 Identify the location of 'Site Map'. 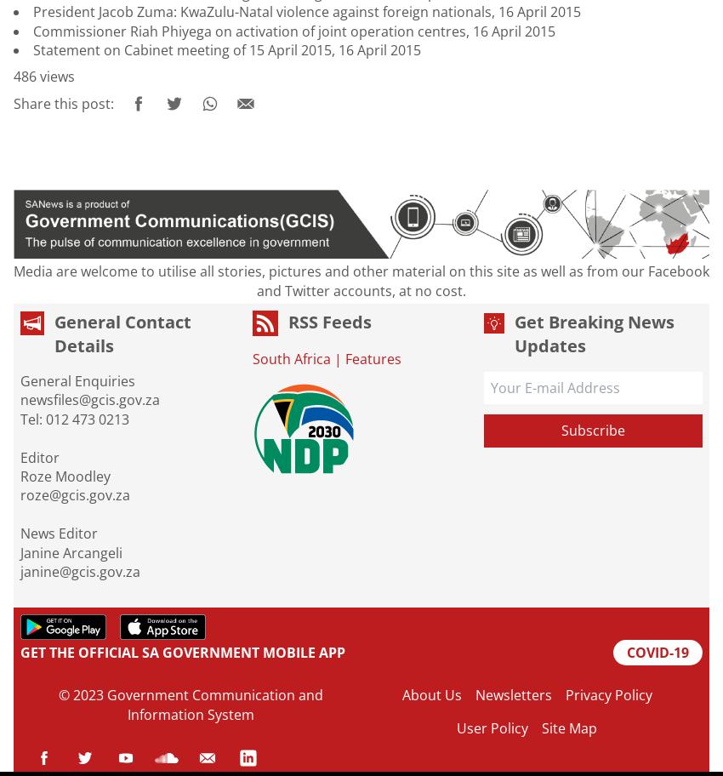
(569, 727).